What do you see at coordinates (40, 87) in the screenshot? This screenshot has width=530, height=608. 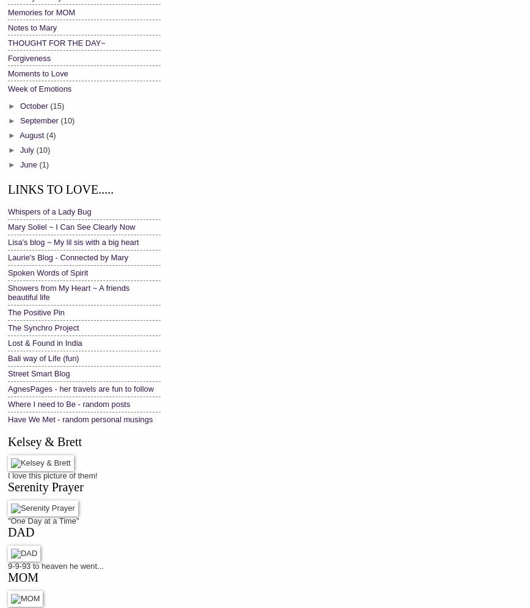 I see `'Week of Emotions'` at bounding box center [40, 87].